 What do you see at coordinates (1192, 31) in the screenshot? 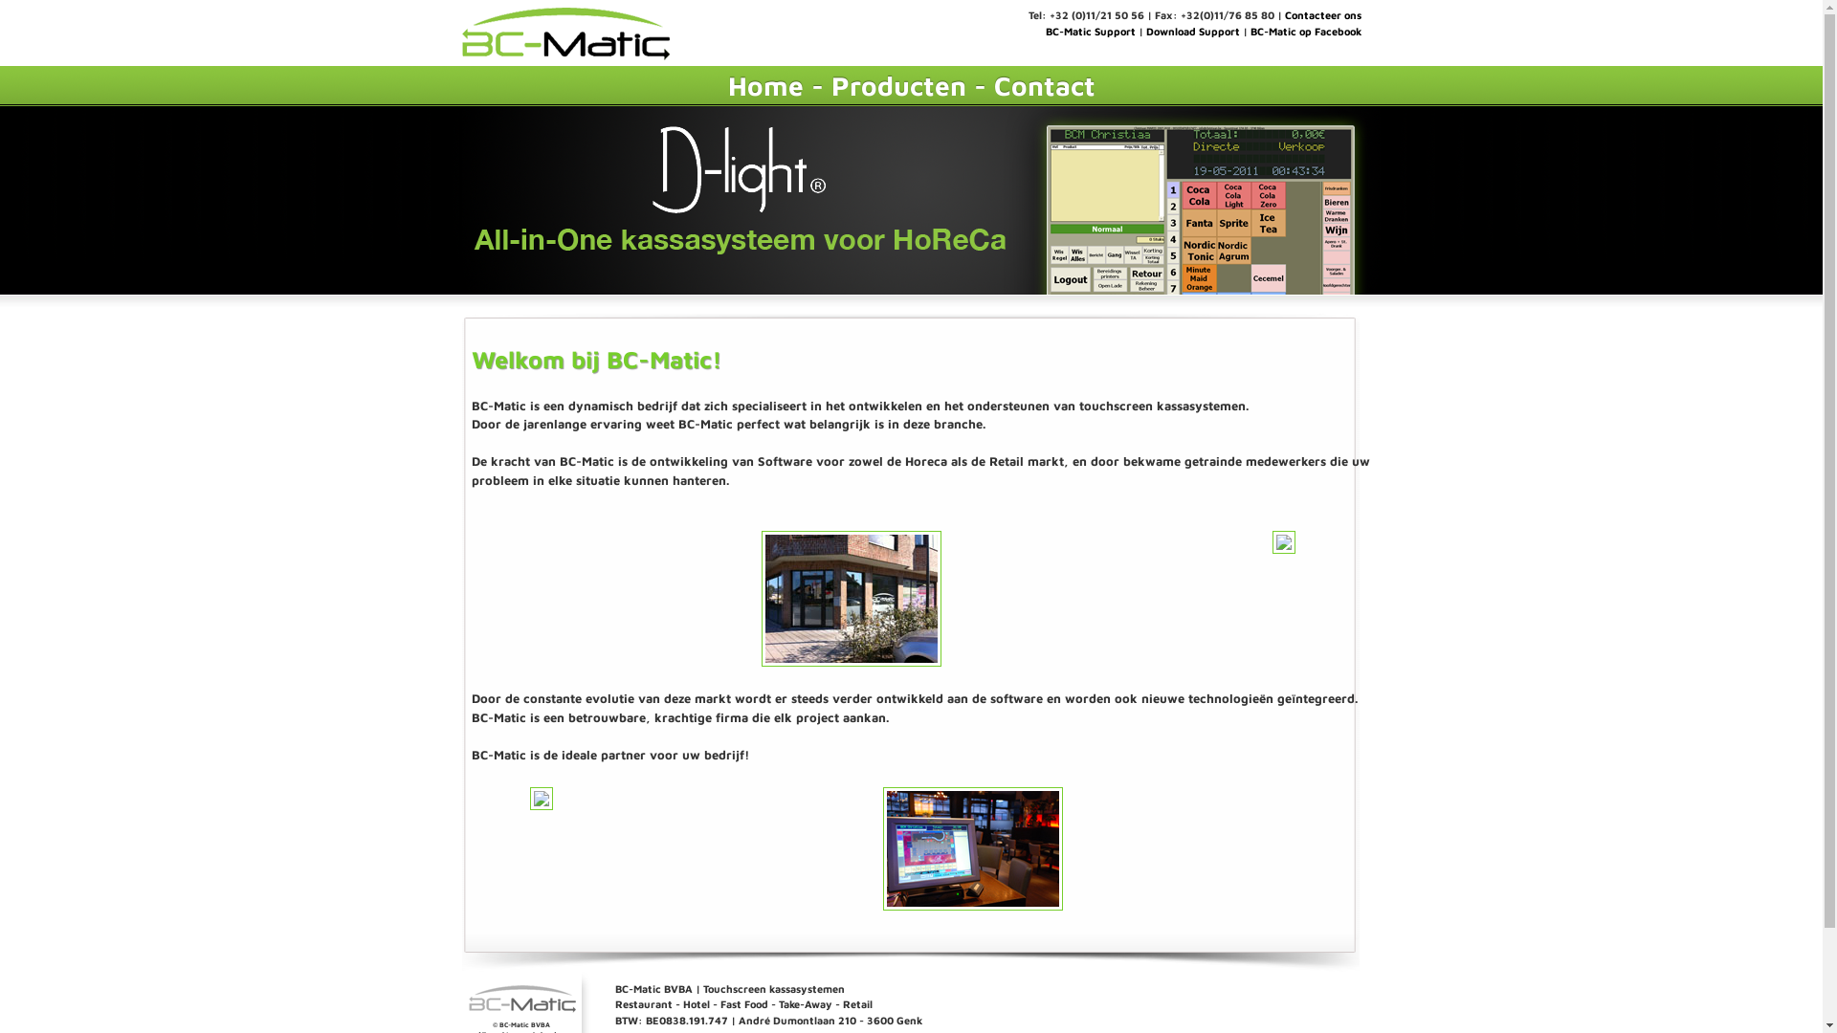
I see `'Download Support'` at bounding box center [1192, 31].